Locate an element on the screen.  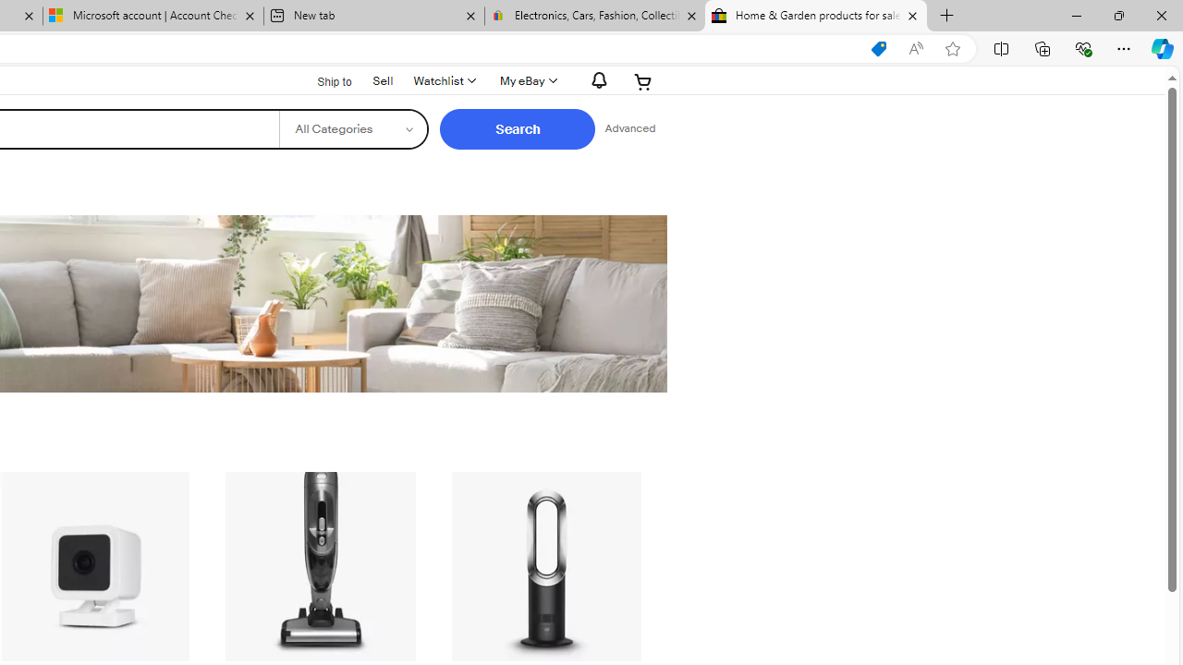
'Split screen' is located at coordinates (1000, 47).